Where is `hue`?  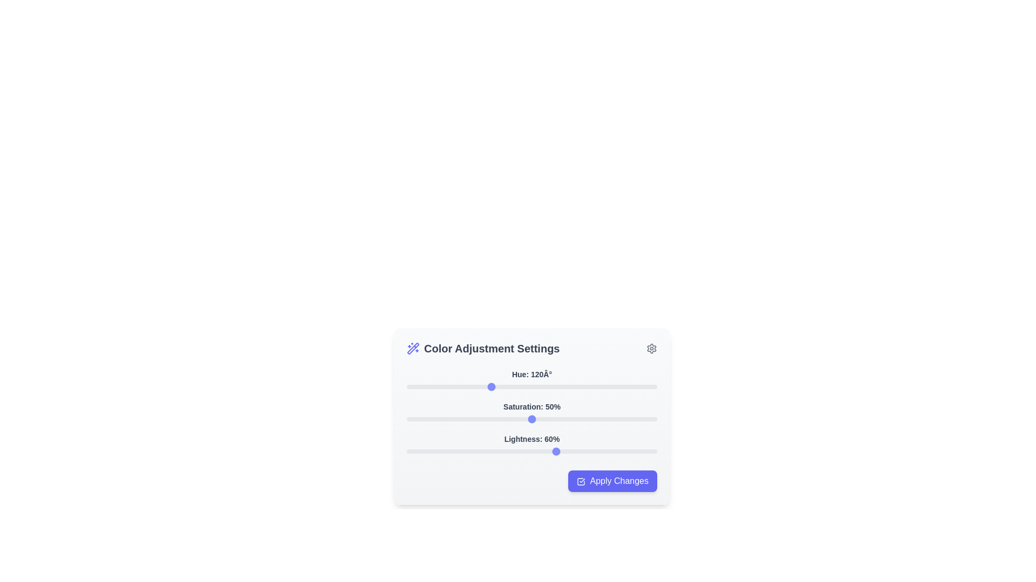
hue is located at coordinates (414, 386).